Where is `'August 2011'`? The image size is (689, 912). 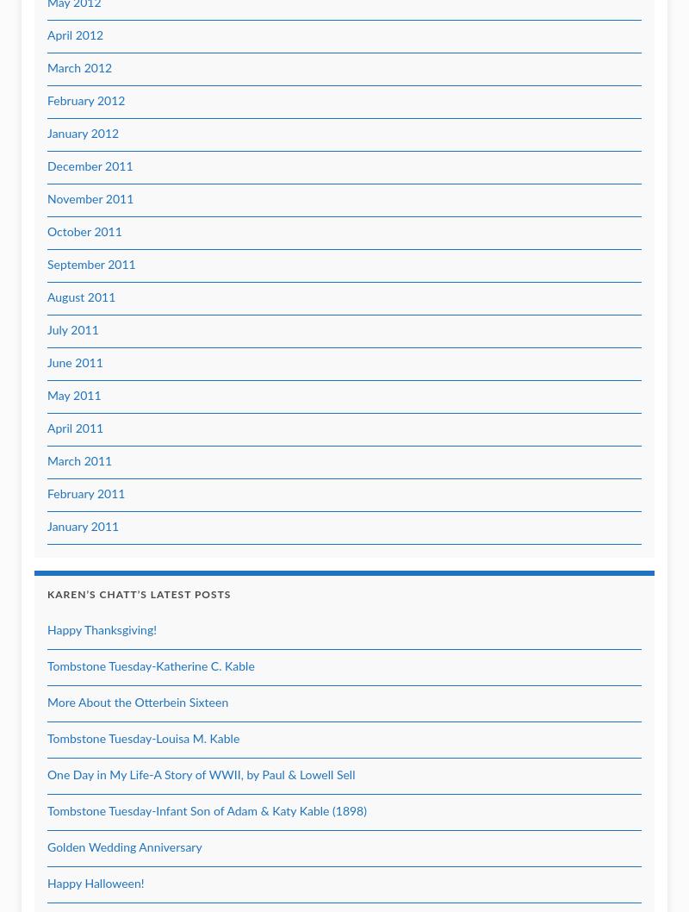 'August 2011' is located at coordinates (81, 297).